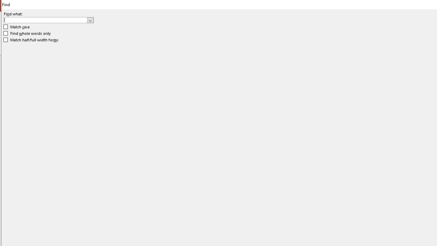 This screenshot has height=246, width=437. Describe the element at coordinates (17, 27) in the screenshot. I see `'Match case'` at that location.